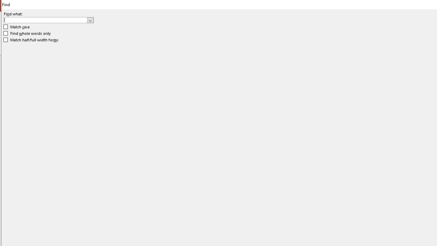 This screenshot has height=246, width=437. Describe the element at coordinates (17, 27) in the screenshot. I see `'Match case'` at that location.